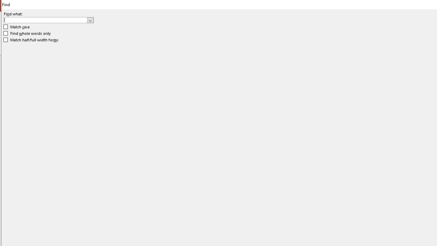 This screenshot has height=246, width=437. Describe the element at coordinates (17, 27) in the screenshot. I see `'Match case'` at that location.